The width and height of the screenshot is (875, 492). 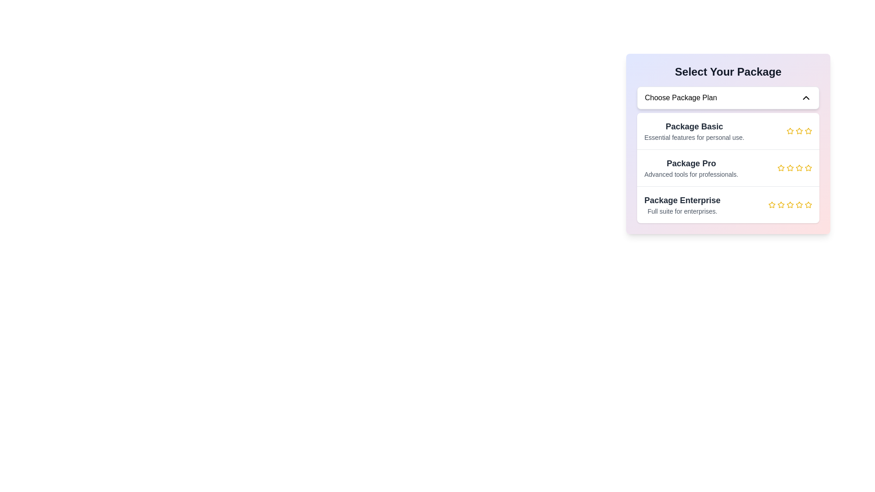 I want to click on the third yellow star icon representing the 'Package Pro' option, so click(x=789, y=168).